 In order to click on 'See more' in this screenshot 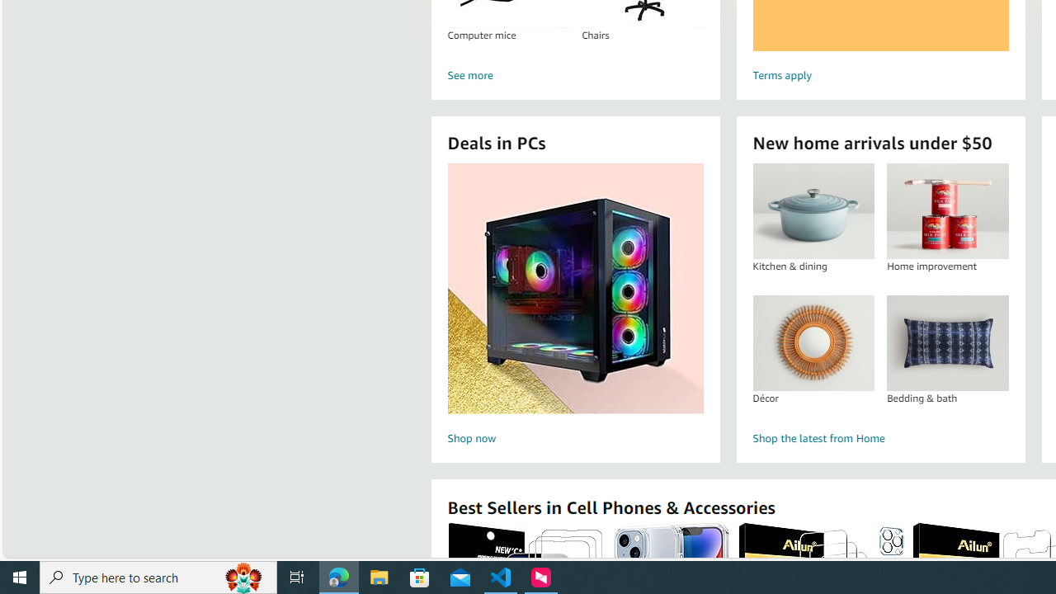, I will do `click(574, 76)`.